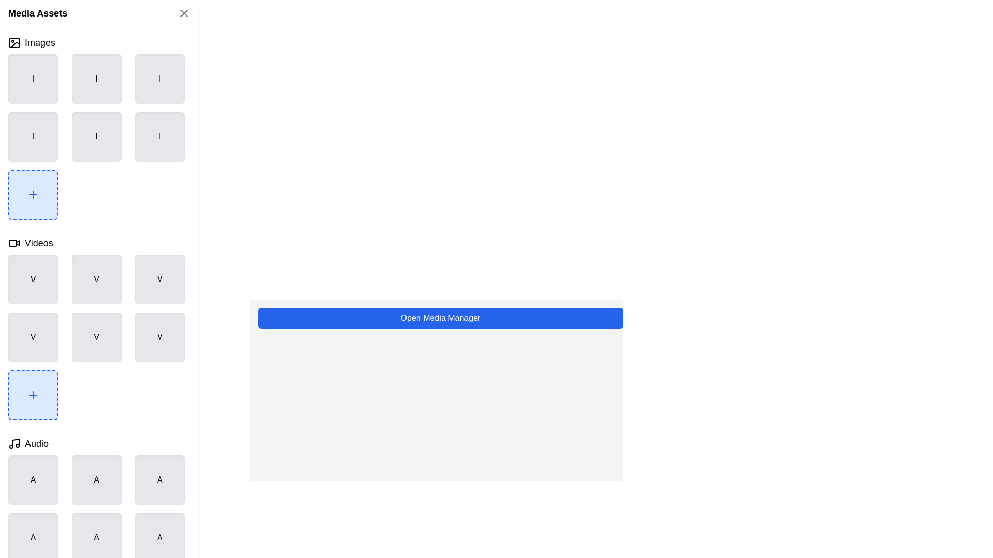 This screenshot has height=558, width=993. Describe the element at coordinates (33, 395) in the screenshot. I see `the Icon Button for adding a new item in the 'Videos' section` at that location.